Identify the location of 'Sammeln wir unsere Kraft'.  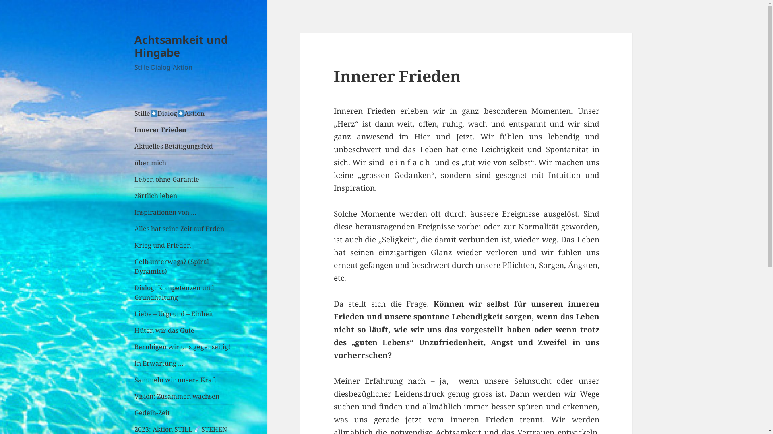
(184, 380).